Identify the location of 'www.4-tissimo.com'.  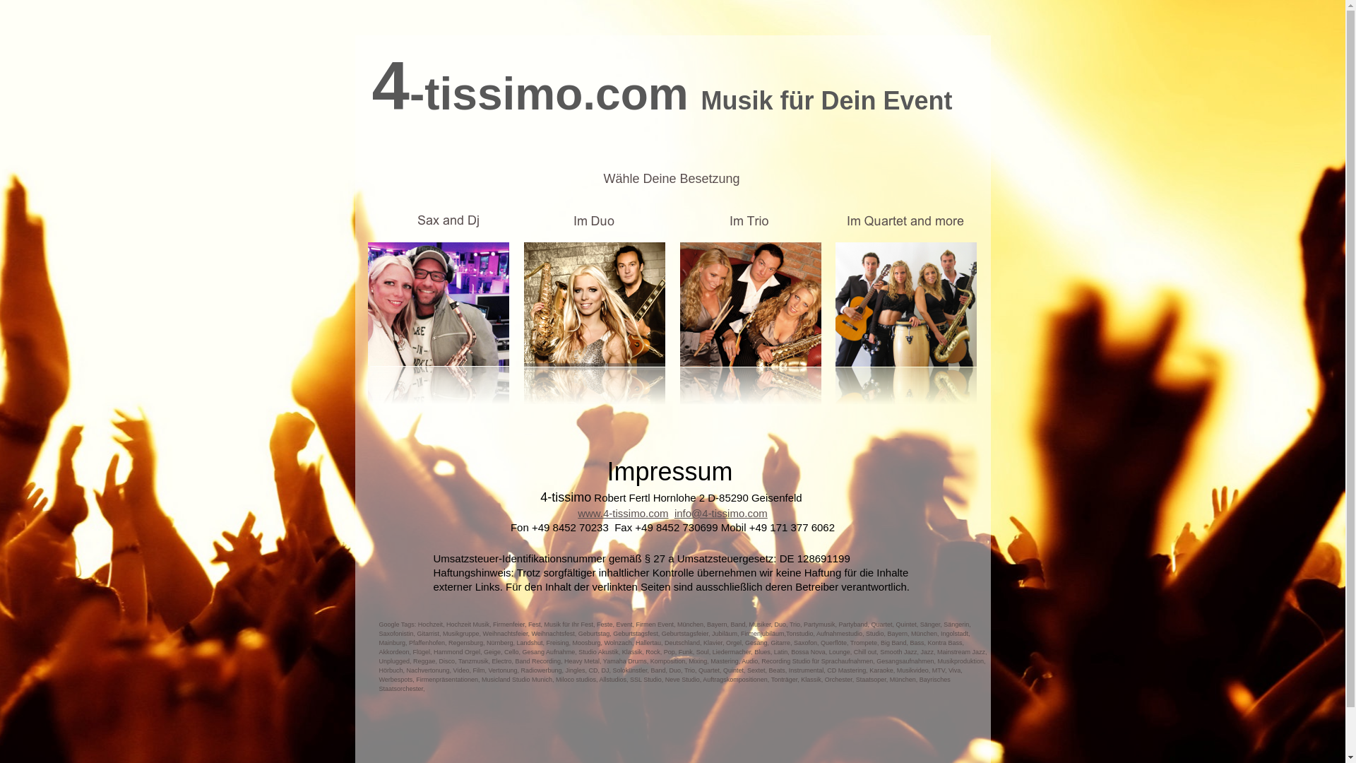
(622, 513).